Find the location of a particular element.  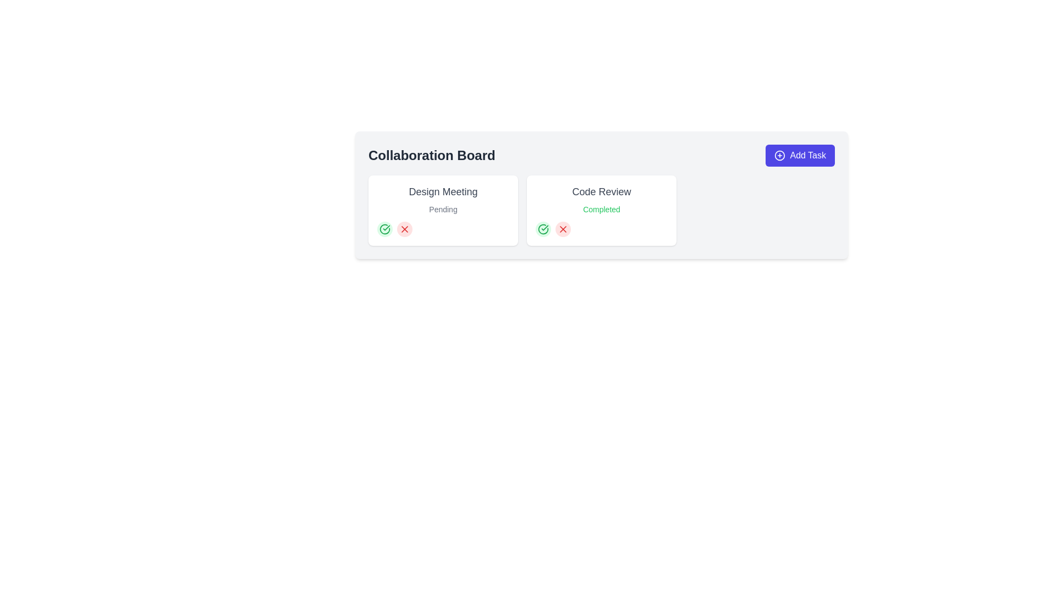

the circular green icon with a white checkmark, located beneath the 'Code Review' heading in the 'Collaboration Board' area is located at coordinates (543, 228).